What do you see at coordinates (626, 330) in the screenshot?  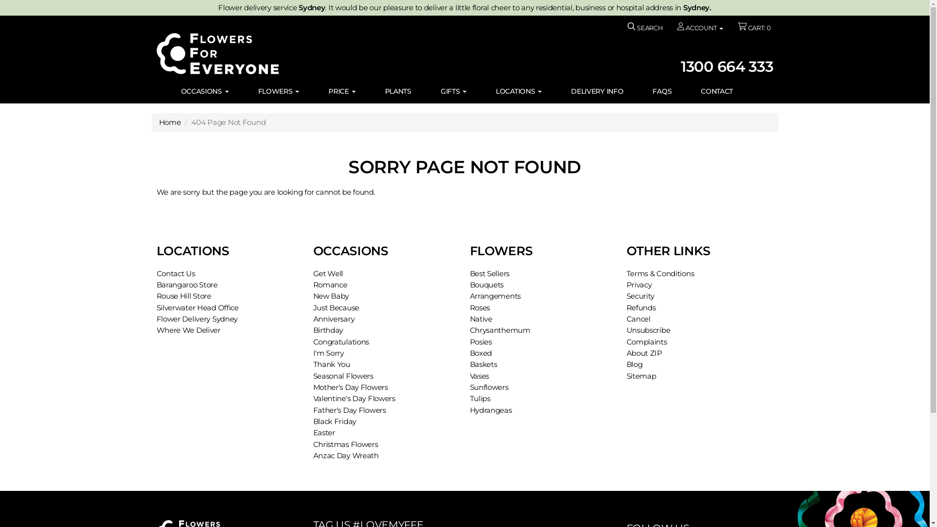 I see `'Unsubscribe'` at bounding box center [626, 330].